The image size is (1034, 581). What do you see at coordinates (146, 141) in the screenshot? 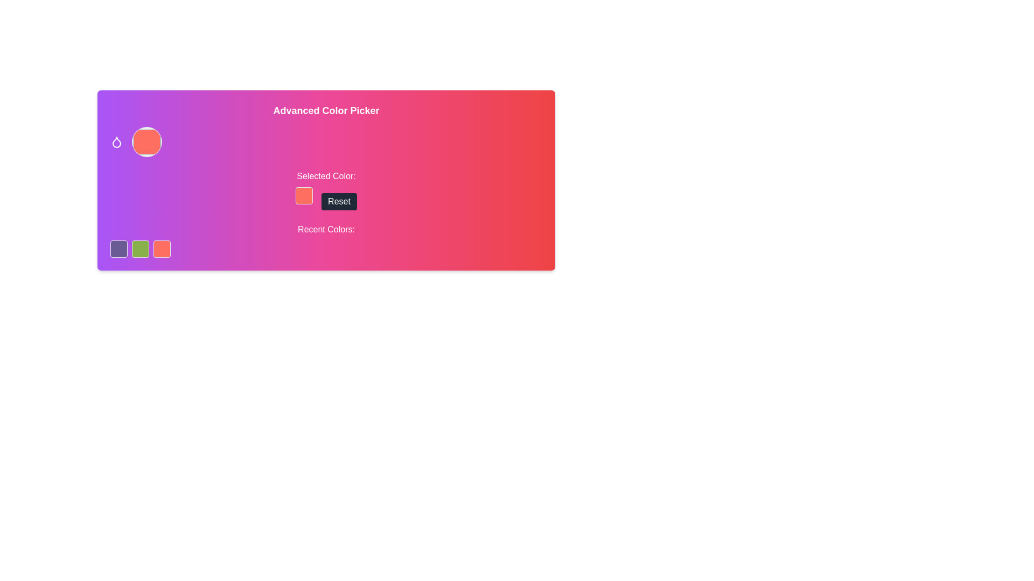
I see `the coral color picker swatch element to access additional options` at bounding box center [146, 141].